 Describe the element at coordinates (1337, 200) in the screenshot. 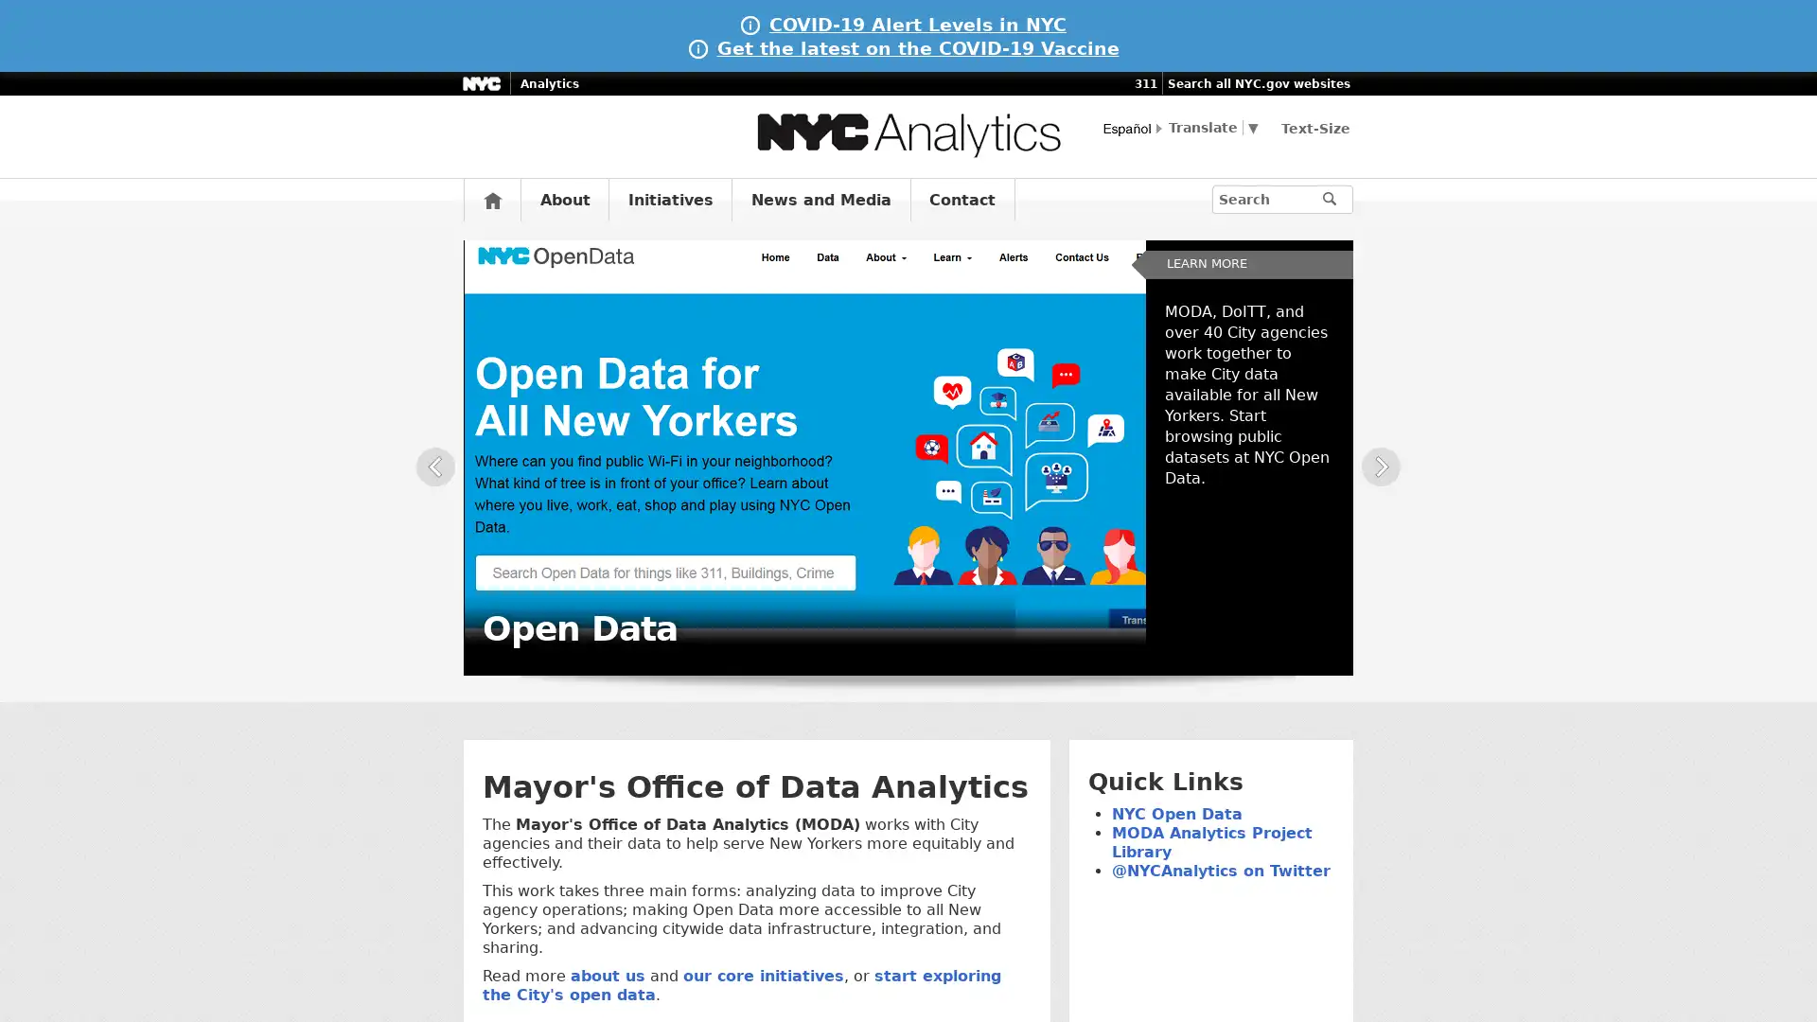

I see `submit` at that location.